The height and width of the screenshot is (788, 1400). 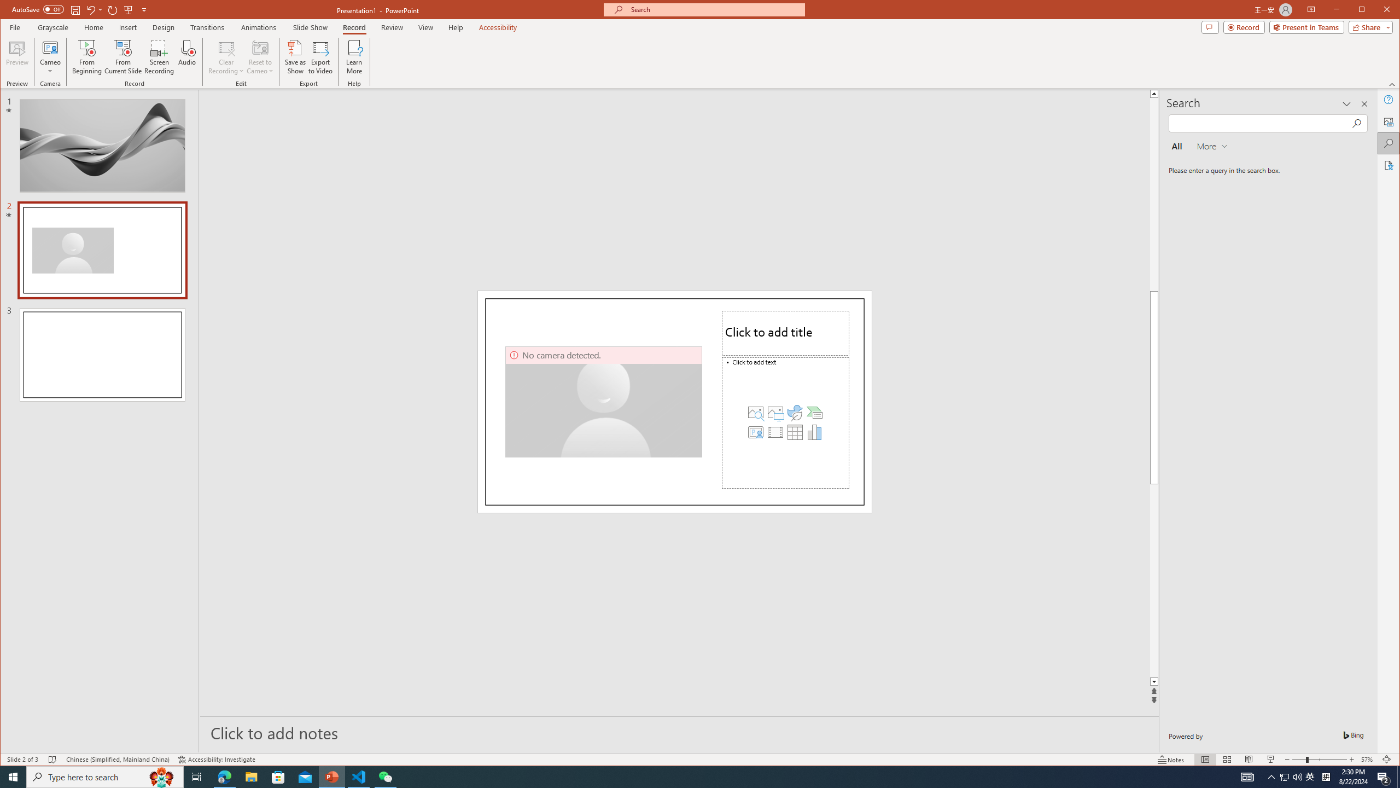 What do you see at coordinates (814, 412) in the screenshot?
I see `'Insert a SmartArt Graphic'` at bounding box center [814, 412].